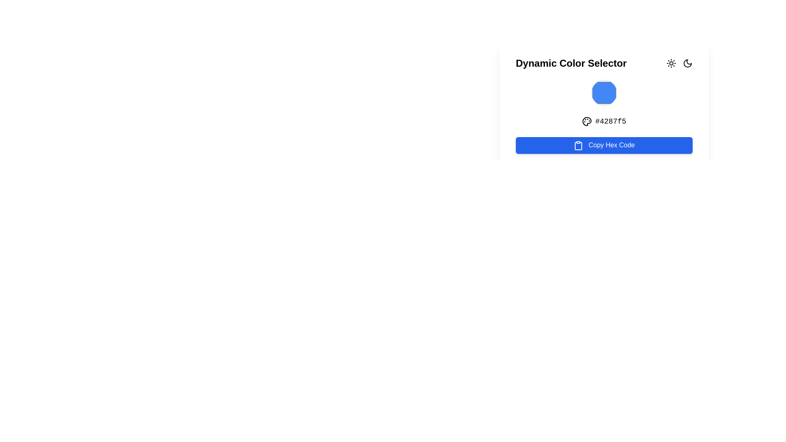  Describe the element at coordinates (604, 92) in the screenshot. I see `the circular blue button styled as a selectable component` at that location.